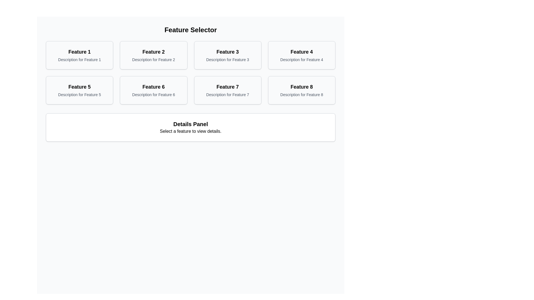  I want to click on the Text Label that serves as a header for the details panel, located at the top of the white card area below the grid of feature buttons, so click(191, 124).